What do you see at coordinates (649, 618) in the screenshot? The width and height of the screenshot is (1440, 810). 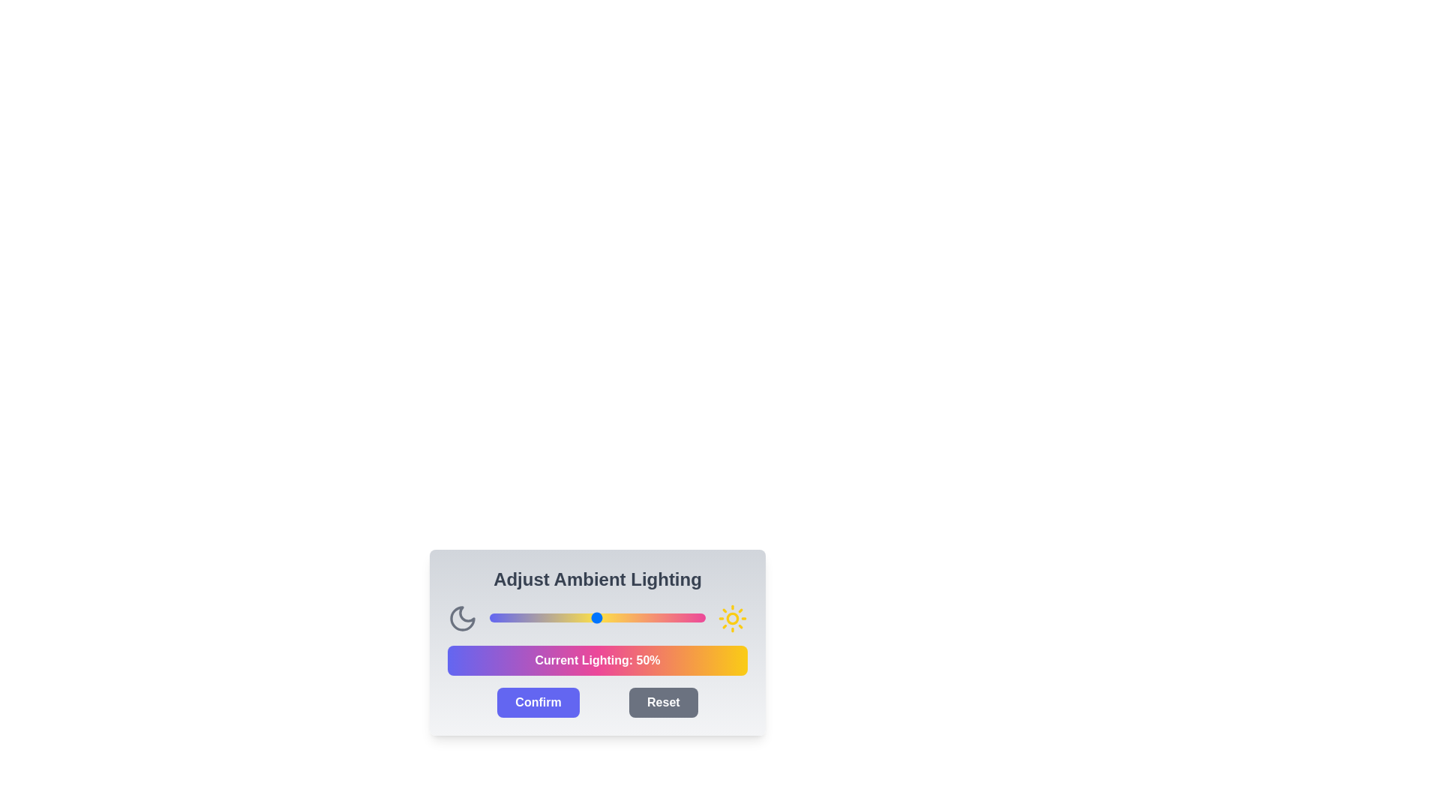 I see `the light intensity slider to 74%` at bounding box center [649, 618].